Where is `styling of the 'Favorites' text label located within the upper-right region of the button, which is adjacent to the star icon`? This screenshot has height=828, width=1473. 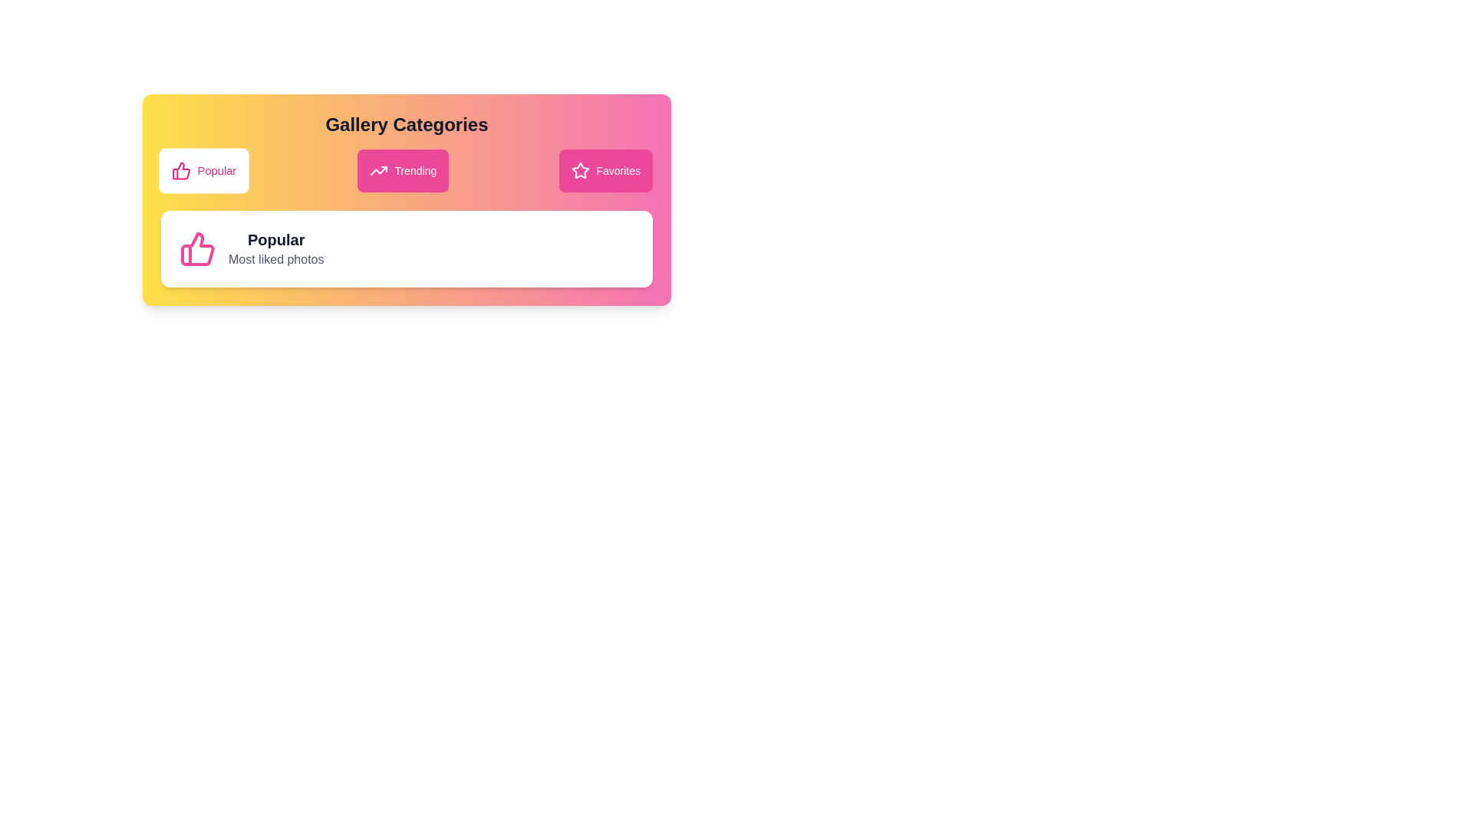
styling of the 'Favorites' text label located within the upper-right region of the button, which is adjacent to the star icon is located at coordinates (618, 171).